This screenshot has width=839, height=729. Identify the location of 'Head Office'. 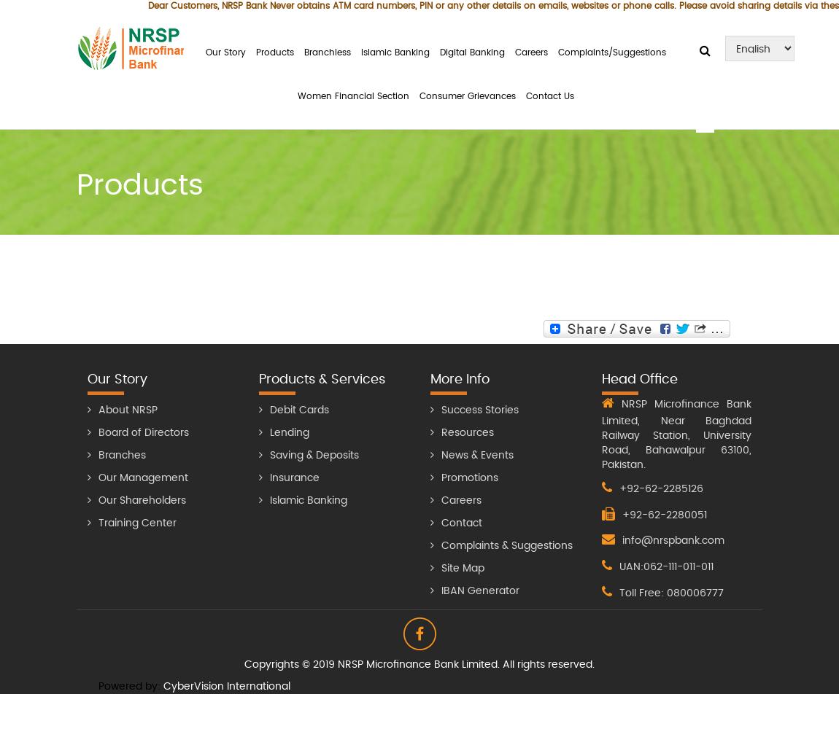
(639, 380).